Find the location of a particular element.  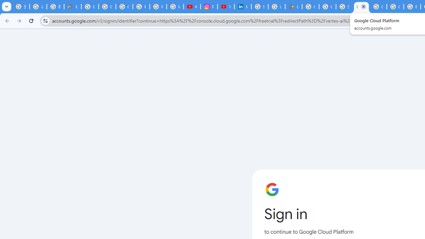

'Privacy Help Center - Policies Help' is located at coordinates (158, 7).